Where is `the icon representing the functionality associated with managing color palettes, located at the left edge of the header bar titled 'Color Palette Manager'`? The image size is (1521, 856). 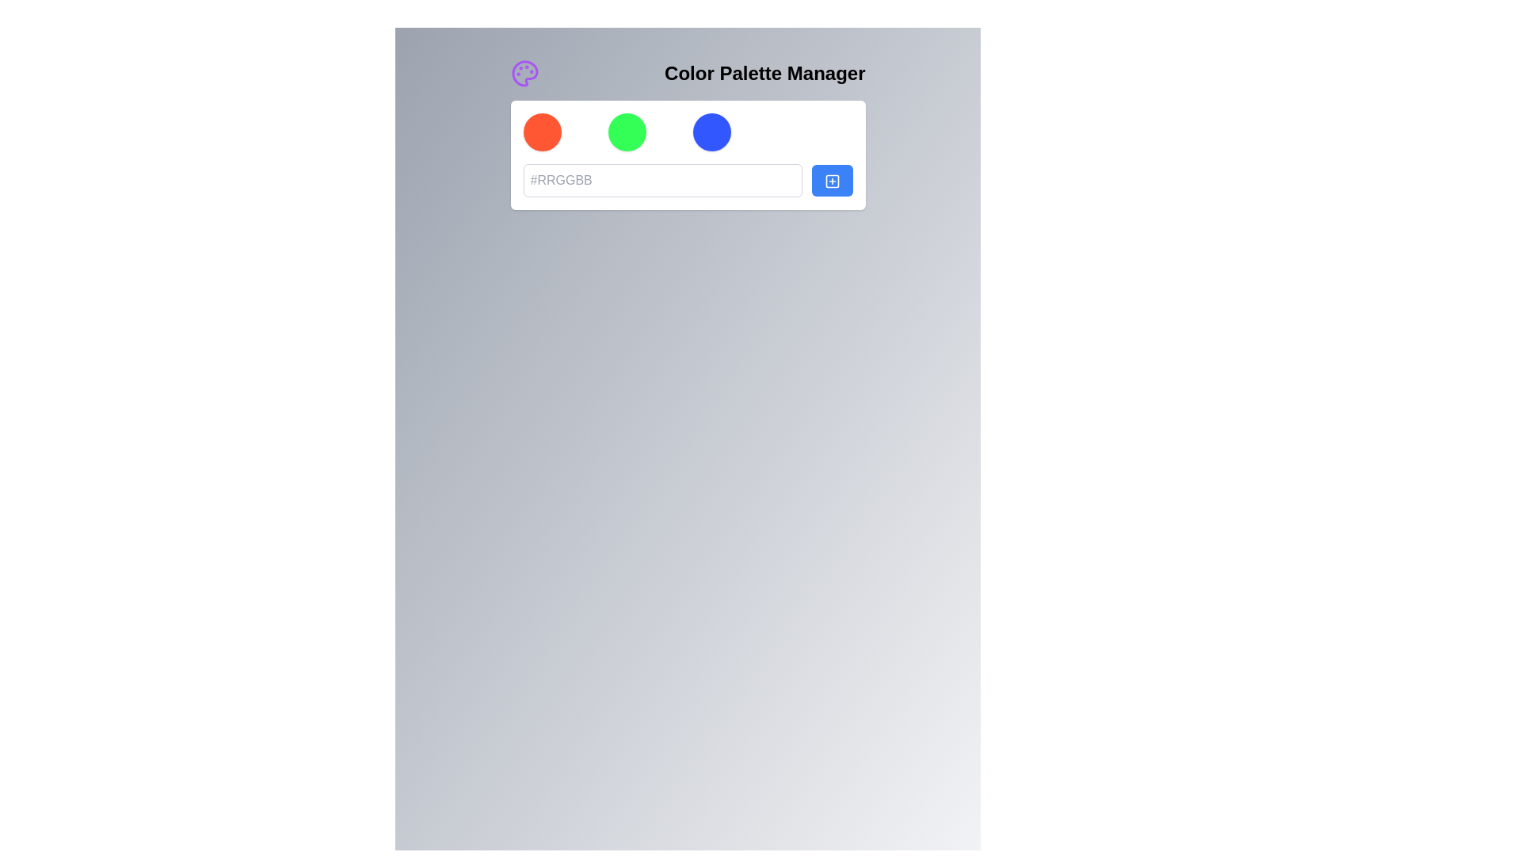 the icon representing the functionality associated with managing color palettes, located at the left edge of the header bar titled 'Color Palette Manager' is located at coordinates (524, 73).